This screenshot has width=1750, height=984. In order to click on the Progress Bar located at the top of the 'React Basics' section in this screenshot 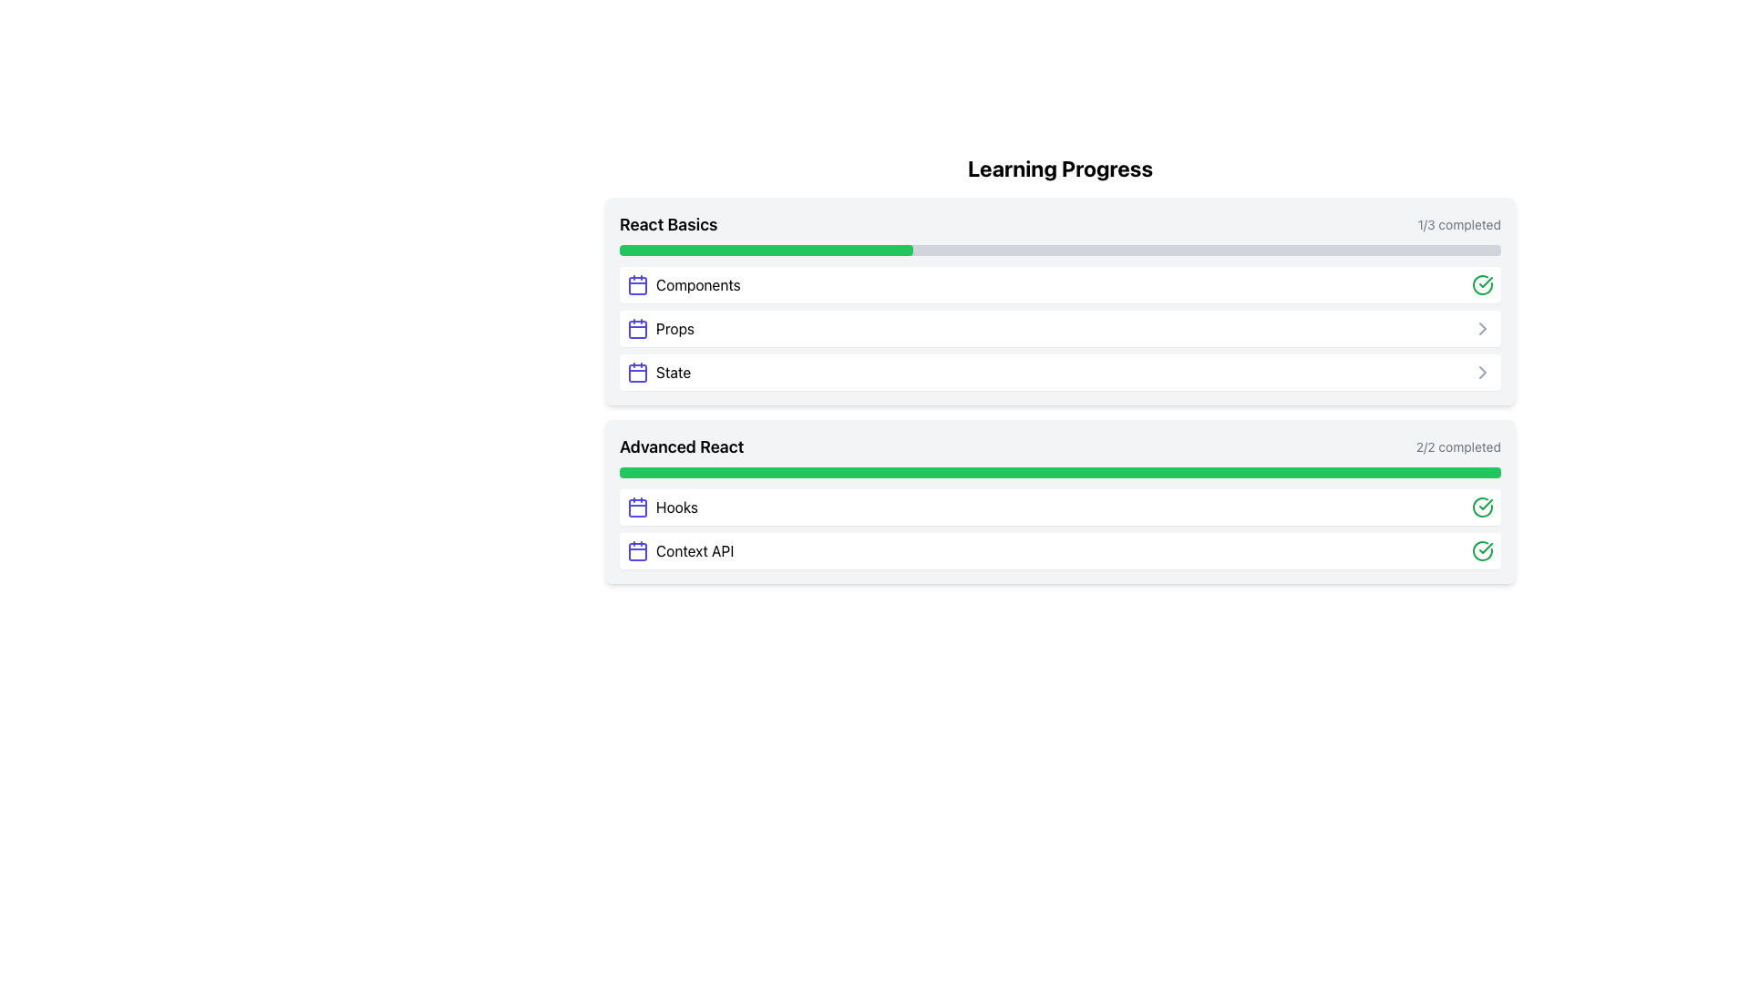, I will do `click(767, 250)`.